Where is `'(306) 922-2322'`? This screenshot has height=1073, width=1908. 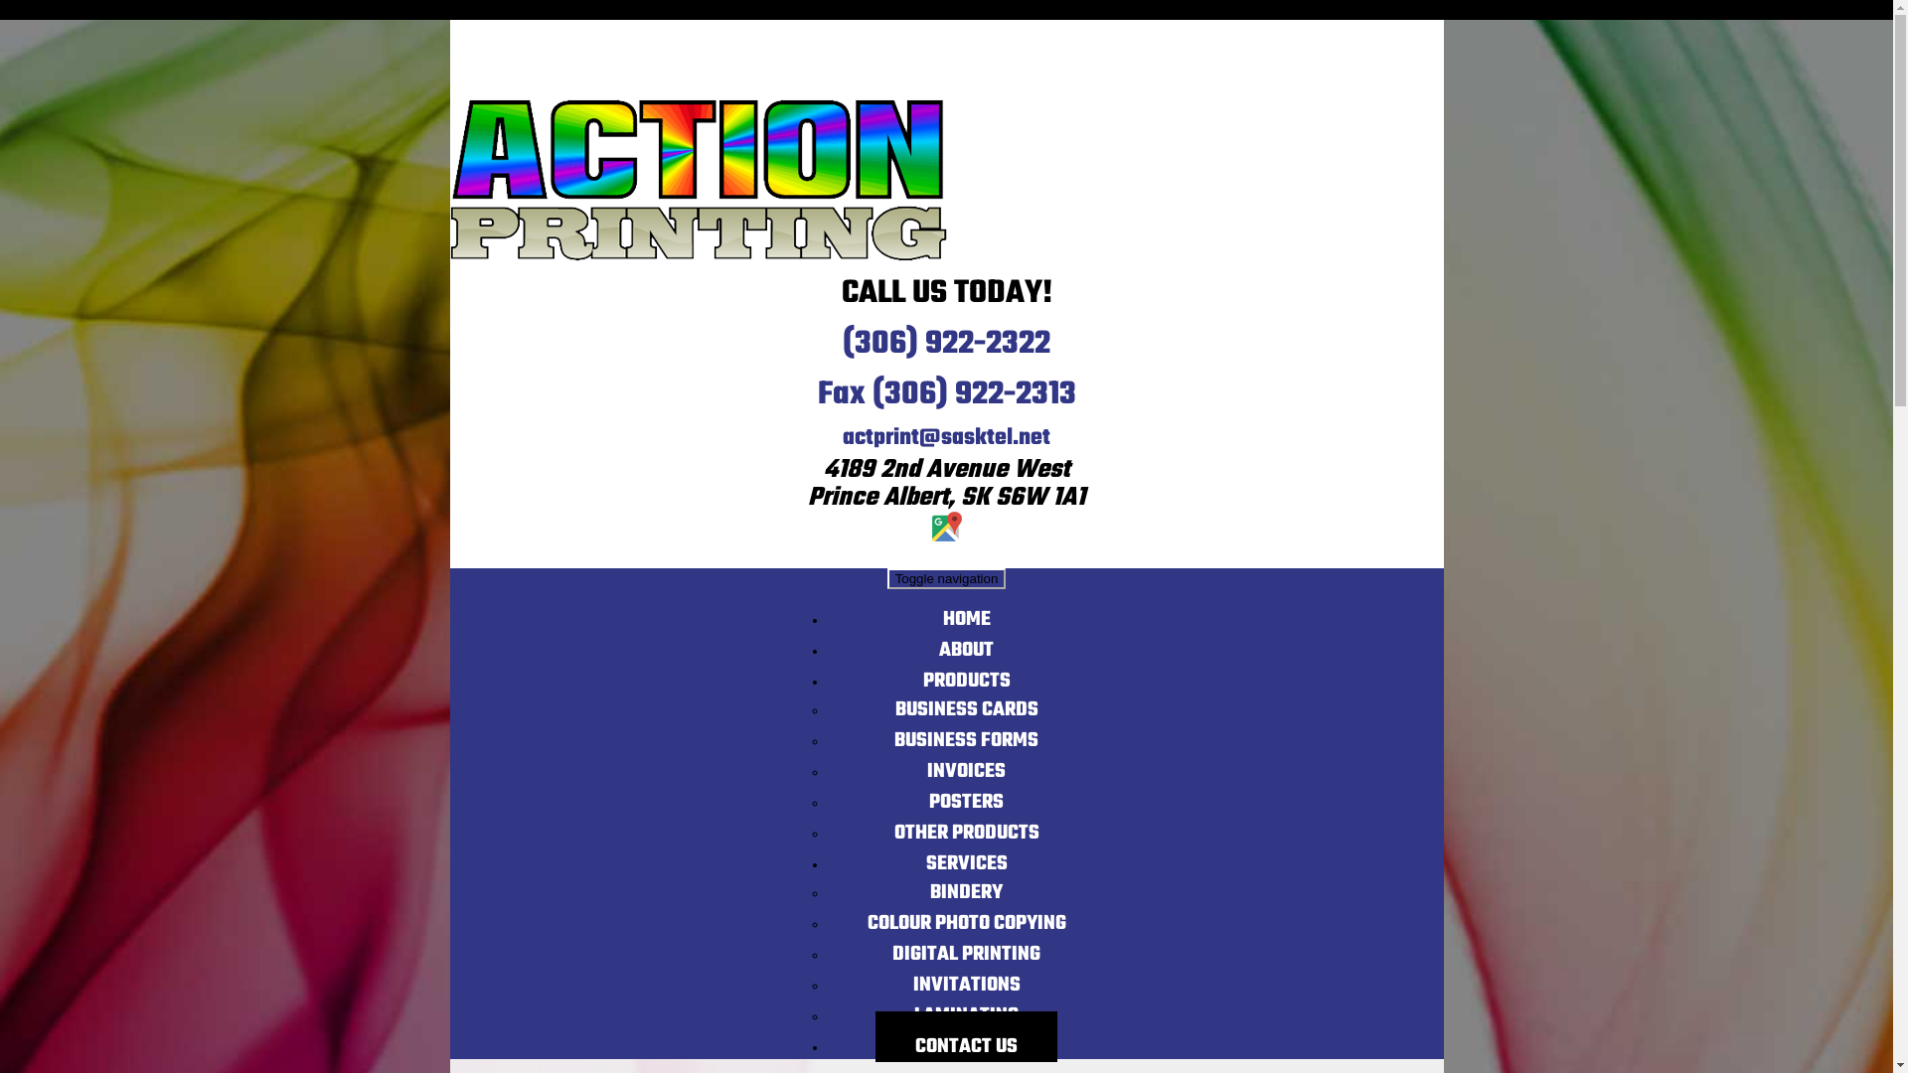 '(306) 922-2322' is located at coordinates (945, 343).